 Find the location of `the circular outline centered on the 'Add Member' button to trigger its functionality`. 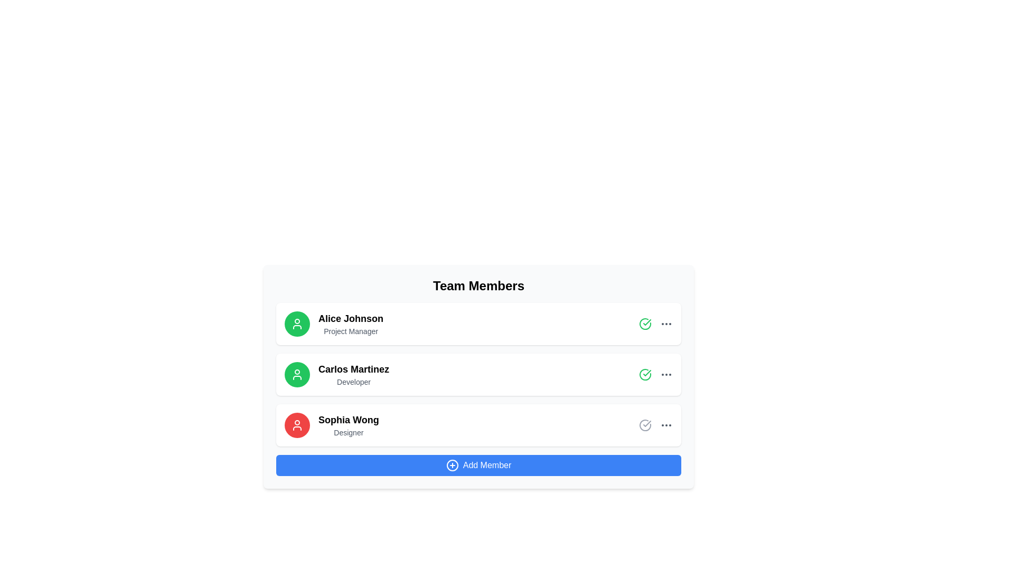

the circular outline centered on the 'Add Member' button to trigger its functionality is located at coordinates (452, 465).